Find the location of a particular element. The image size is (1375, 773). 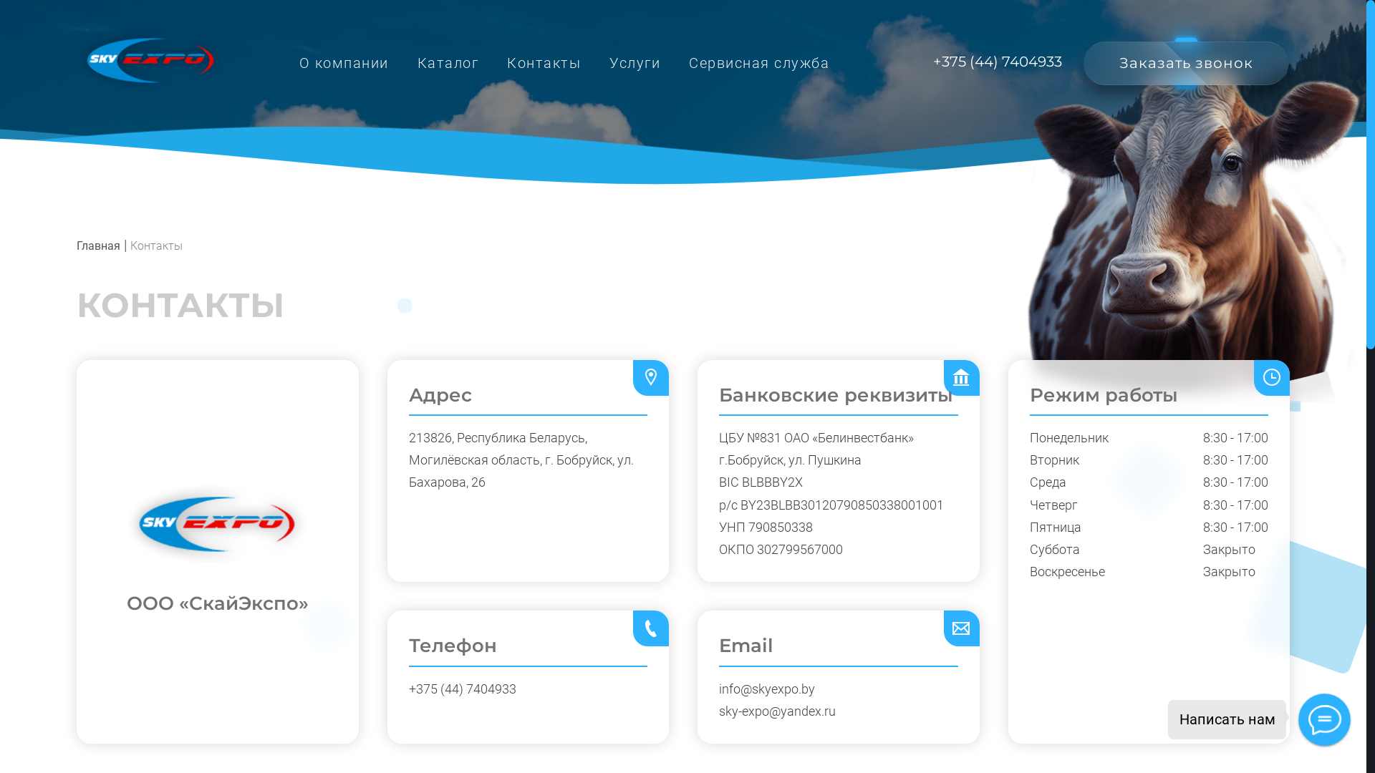

'+375 (44) 7404933' is located at coordinates (996, 61).